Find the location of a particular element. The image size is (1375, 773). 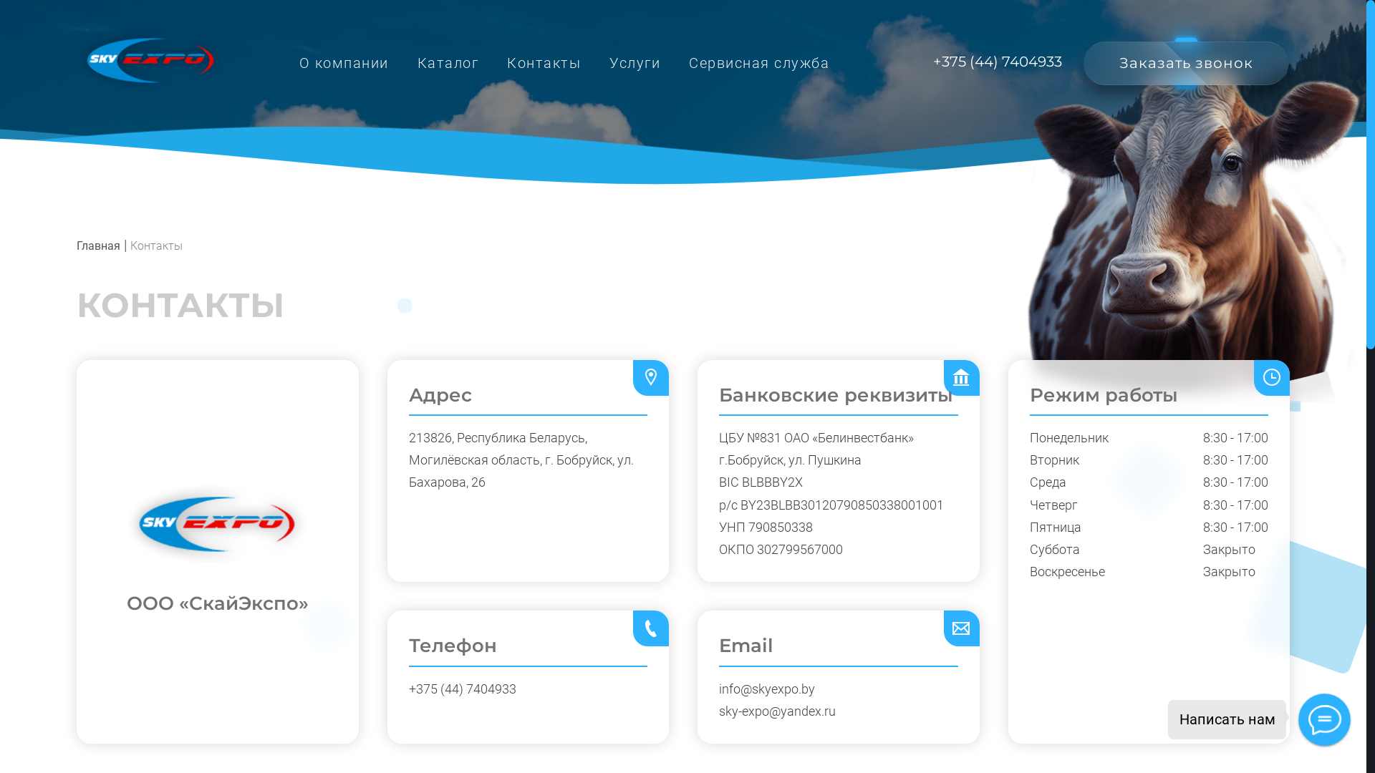

'+375 (44) 7404933' is located at coordinates (996, 61).